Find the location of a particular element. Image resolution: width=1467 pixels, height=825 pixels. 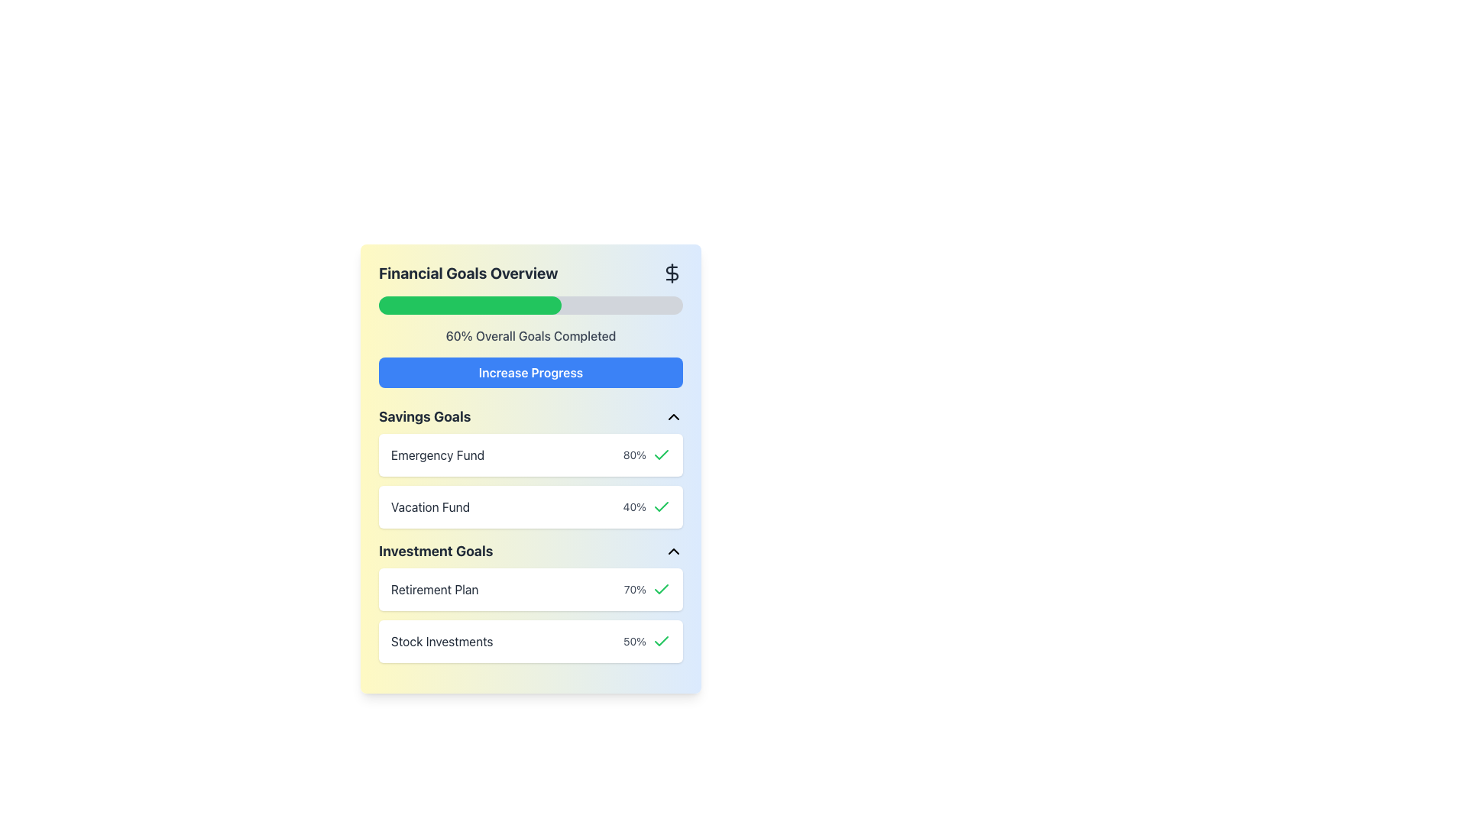

static text label that provides a numeric and descriptive summary of the user's overall completion percentage towards their financial goals, located centrally in the 'Financial Goals Overview' section, below the progress bar and above the 'Increase Progress' button is located at coordinates (531, 335).